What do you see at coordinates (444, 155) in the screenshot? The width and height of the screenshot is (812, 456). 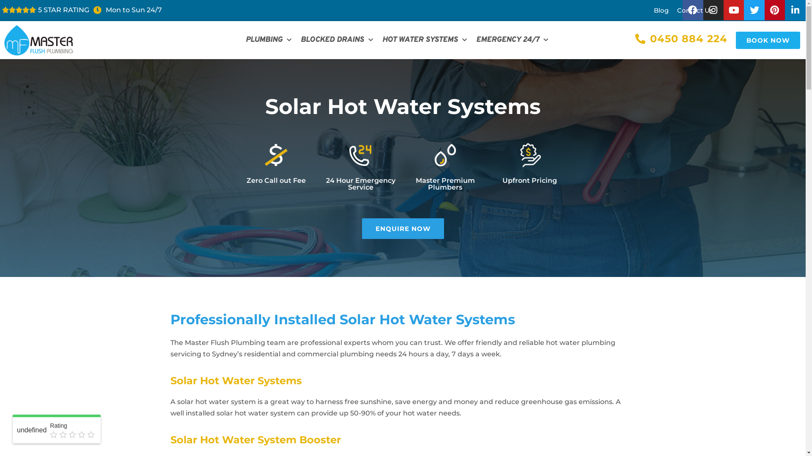 I see `'t-premium'` at bounding box center [444, 155].